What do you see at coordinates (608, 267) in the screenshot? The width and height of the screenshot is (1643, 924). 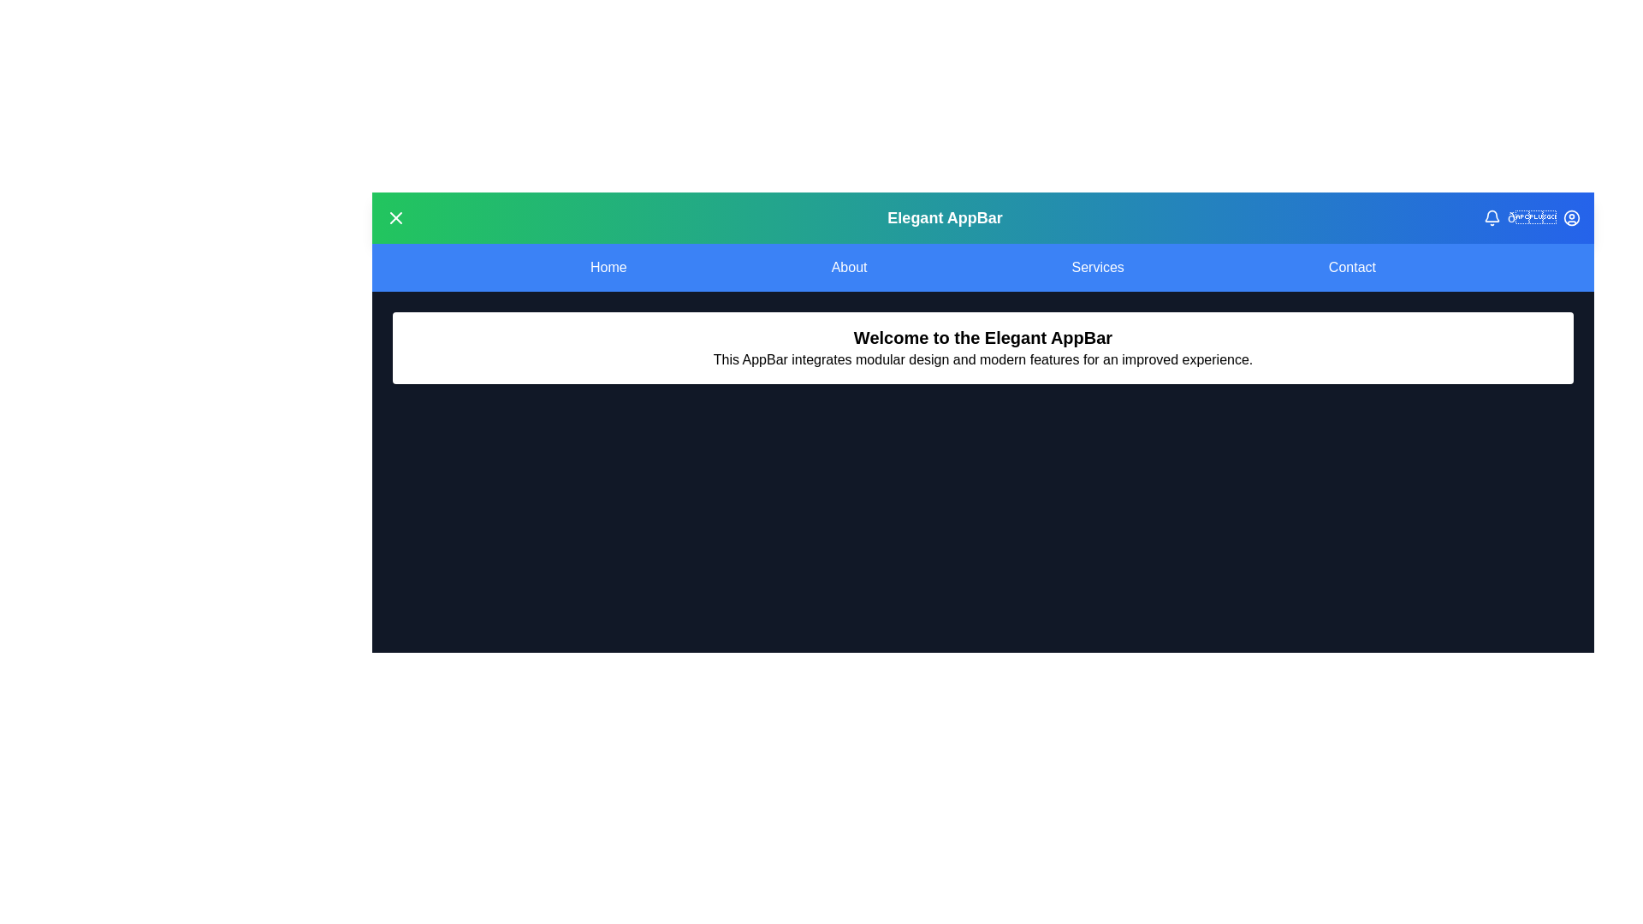 I see `the navigation button labeled Home to navigate to the corresponding section` at bounding box center [608, 267].